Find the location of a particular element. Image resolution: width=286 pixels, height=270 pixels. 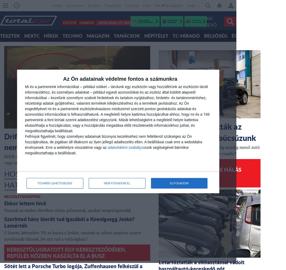

'Nem tépi le a fejed, de hálás leszel érte' is located at coordinates (201, 172).